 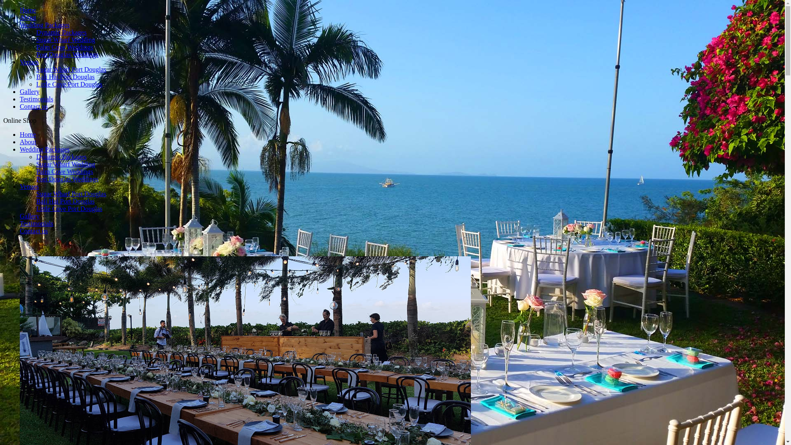 What do you see at coordinates (61, 32) in the screenshot?
I see `'Dynamic Packages'` at bounding box center [61, 32].